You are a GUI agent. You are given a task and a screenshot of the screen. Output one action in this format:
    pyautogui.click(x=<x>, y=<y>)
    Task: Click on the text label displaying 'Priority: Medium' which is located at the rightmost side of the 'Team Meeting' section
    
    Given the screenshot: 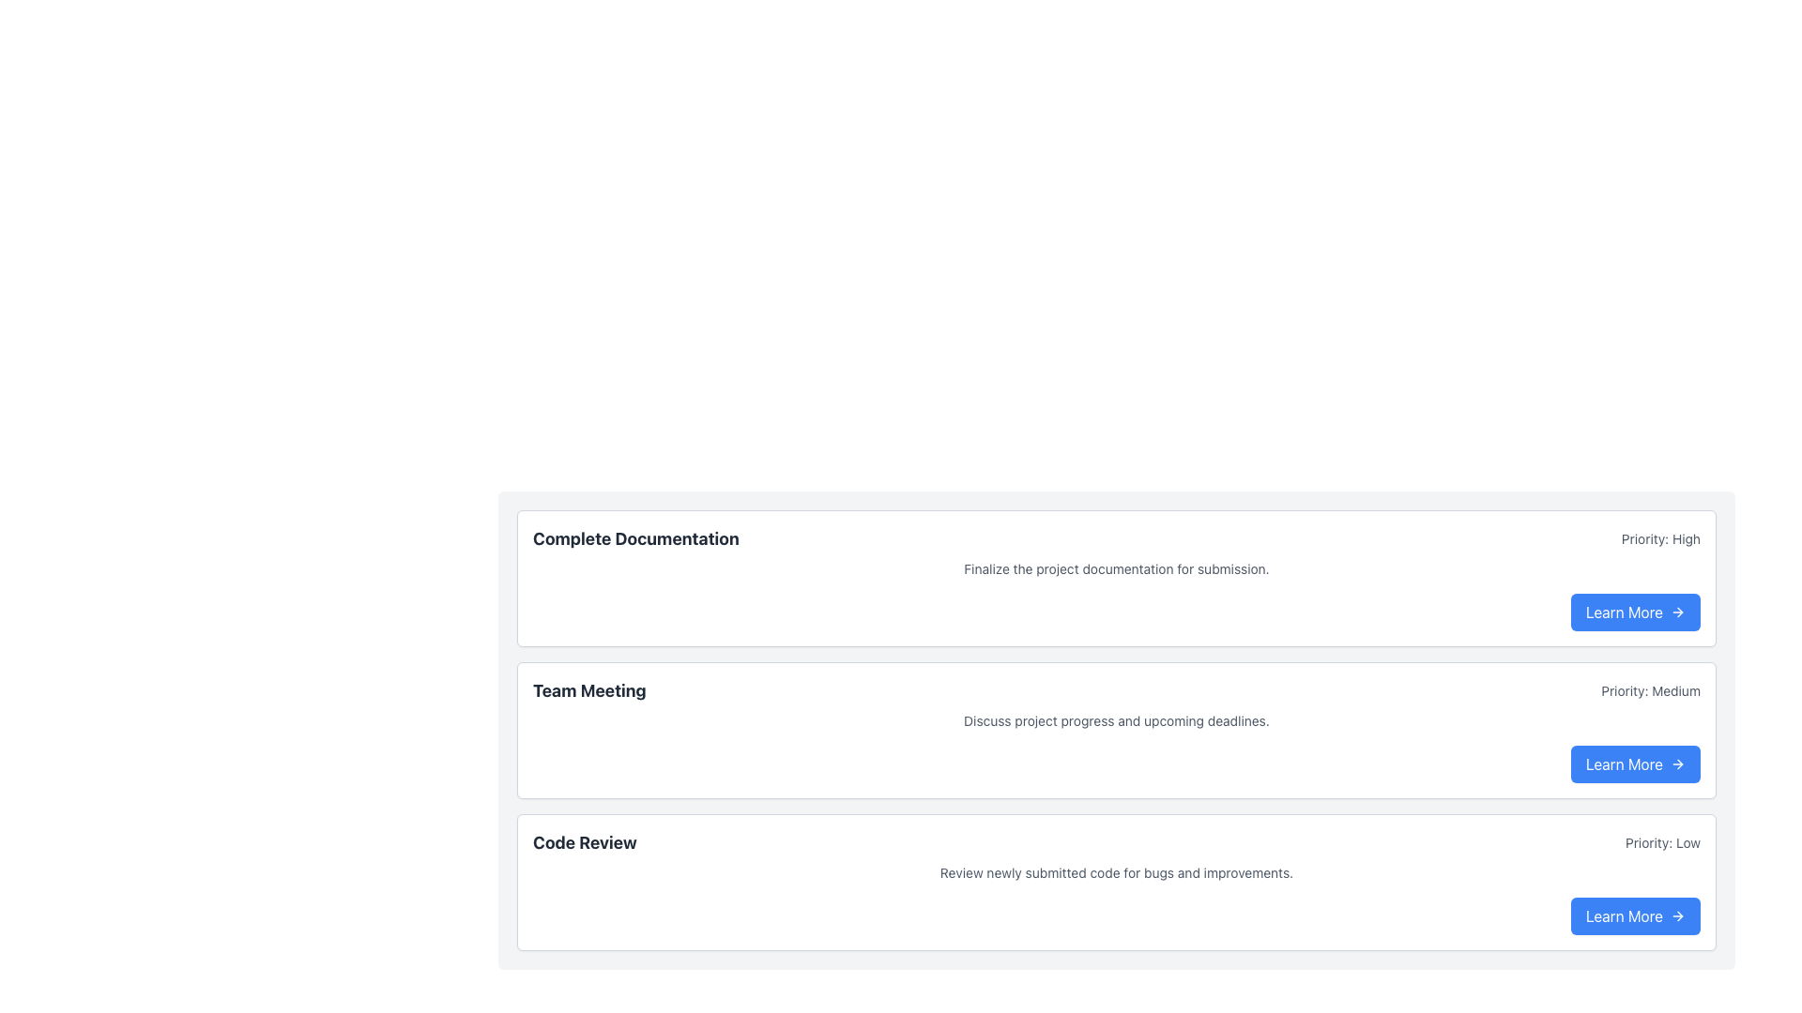 What is the action you would take?
    pyautogui.click(x=1650, y=690)
    